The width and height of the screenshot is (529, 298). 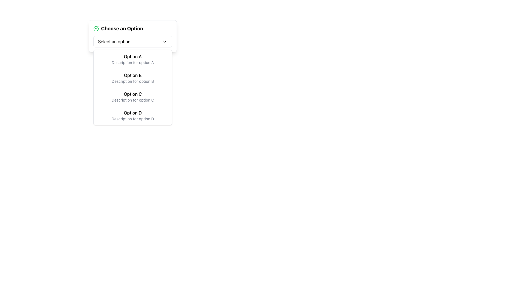 I want to click on text label of 'Option D', located in the dropdown list below 'Option C' and above its description, so click(x=133, y=112).